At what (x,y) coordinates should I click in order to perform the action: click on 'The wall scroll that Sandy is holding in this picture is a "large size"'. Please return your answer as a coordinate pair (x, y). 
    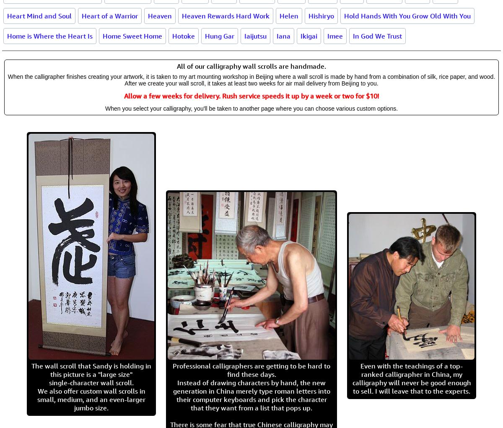
    Looking at the image, I should click on (91, 369).